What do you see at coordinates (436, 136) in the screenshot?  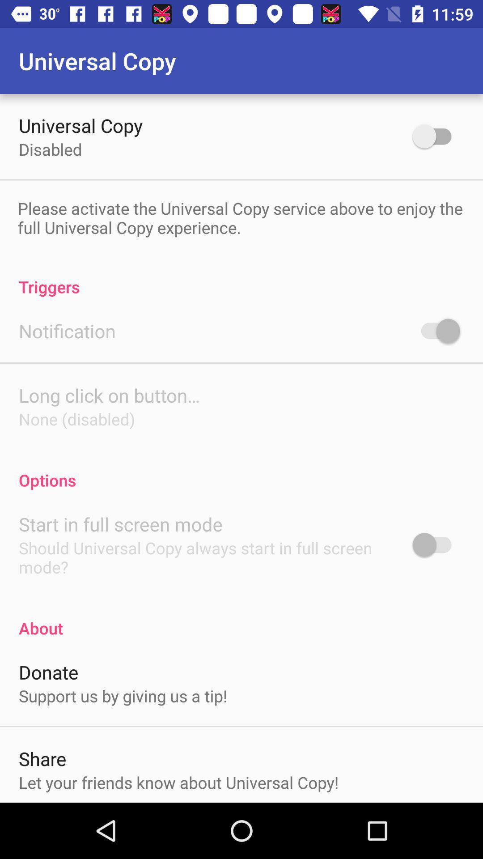 I see `universal copy function` at bounding box center [436, 136].